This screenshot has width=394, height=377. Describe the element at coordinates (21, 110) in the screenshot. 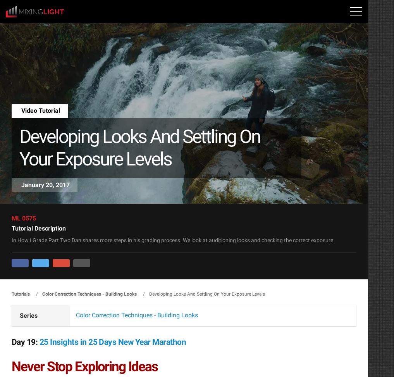

I see `'Video Tutorial'` at that location.